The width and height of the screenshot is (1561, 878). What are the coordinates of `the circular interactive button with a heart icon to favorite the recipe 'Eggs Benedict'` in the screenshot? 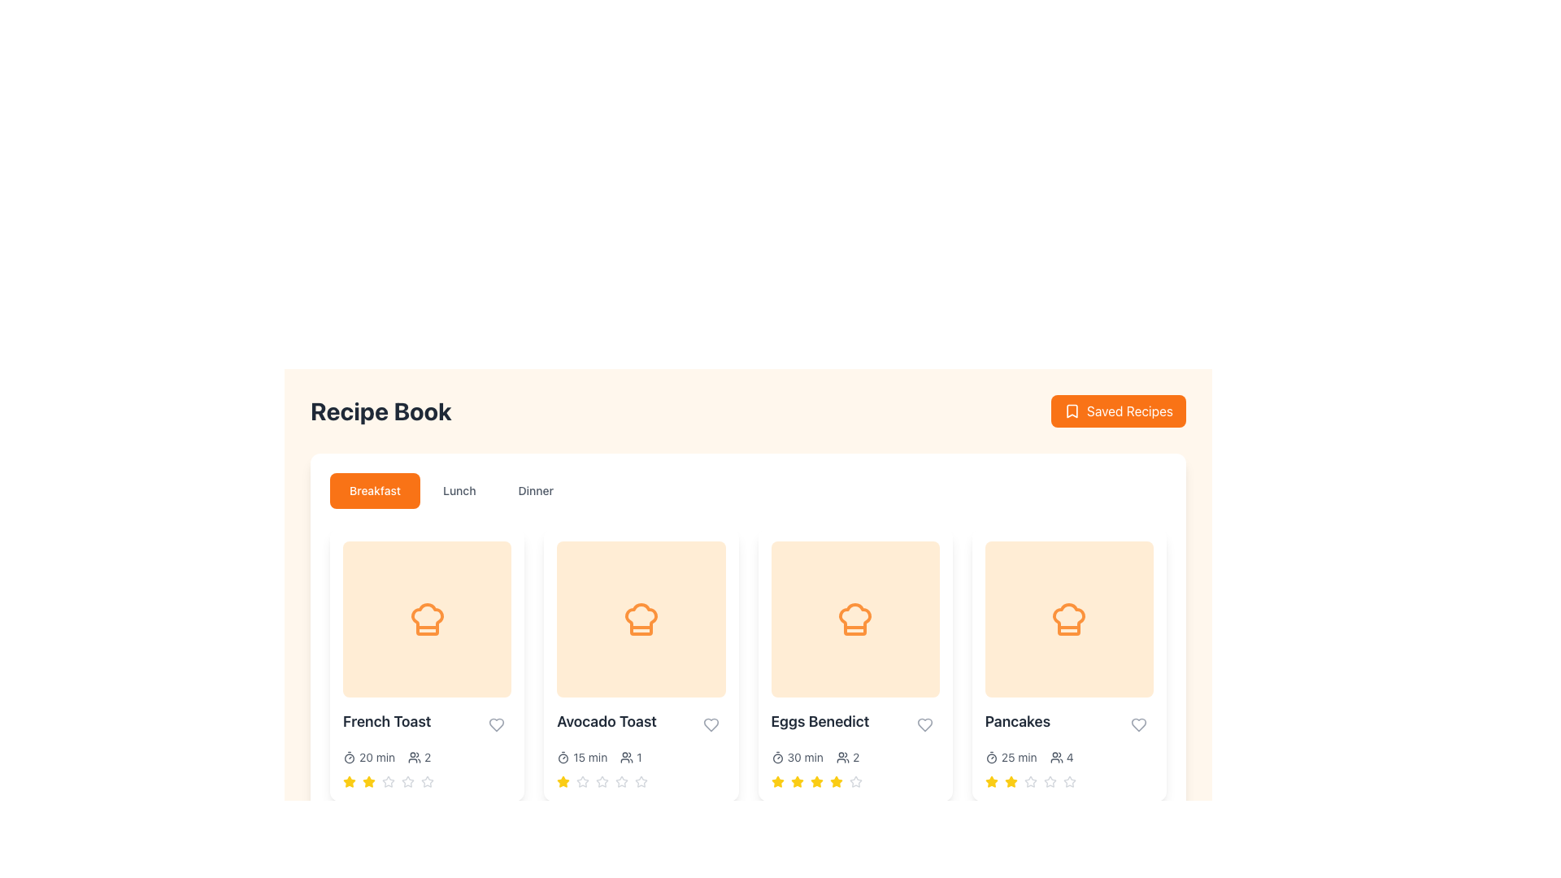 It's located at (924, 724).